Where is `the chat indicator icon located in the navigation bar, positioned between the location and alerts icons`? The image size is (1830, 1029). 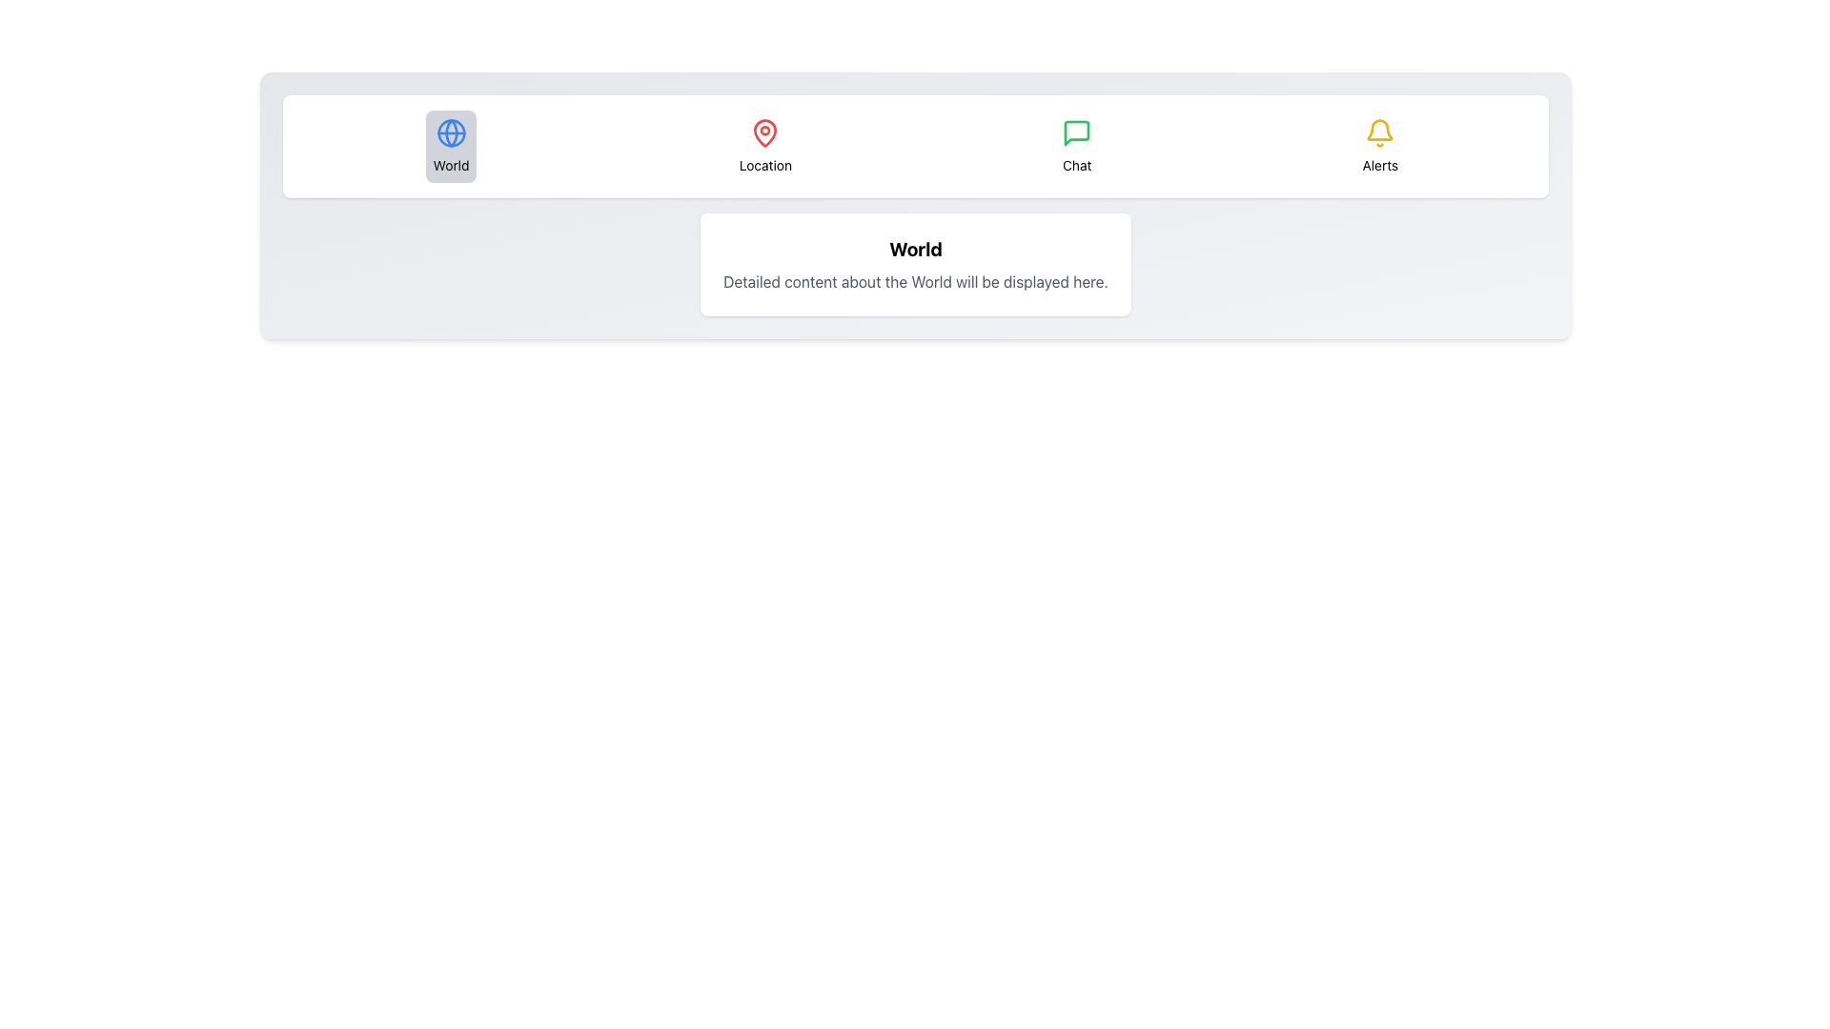
the chat indicator icon located in the navigation bar, positioned between the location and alerts icons is located at coordinates (1077, 131).